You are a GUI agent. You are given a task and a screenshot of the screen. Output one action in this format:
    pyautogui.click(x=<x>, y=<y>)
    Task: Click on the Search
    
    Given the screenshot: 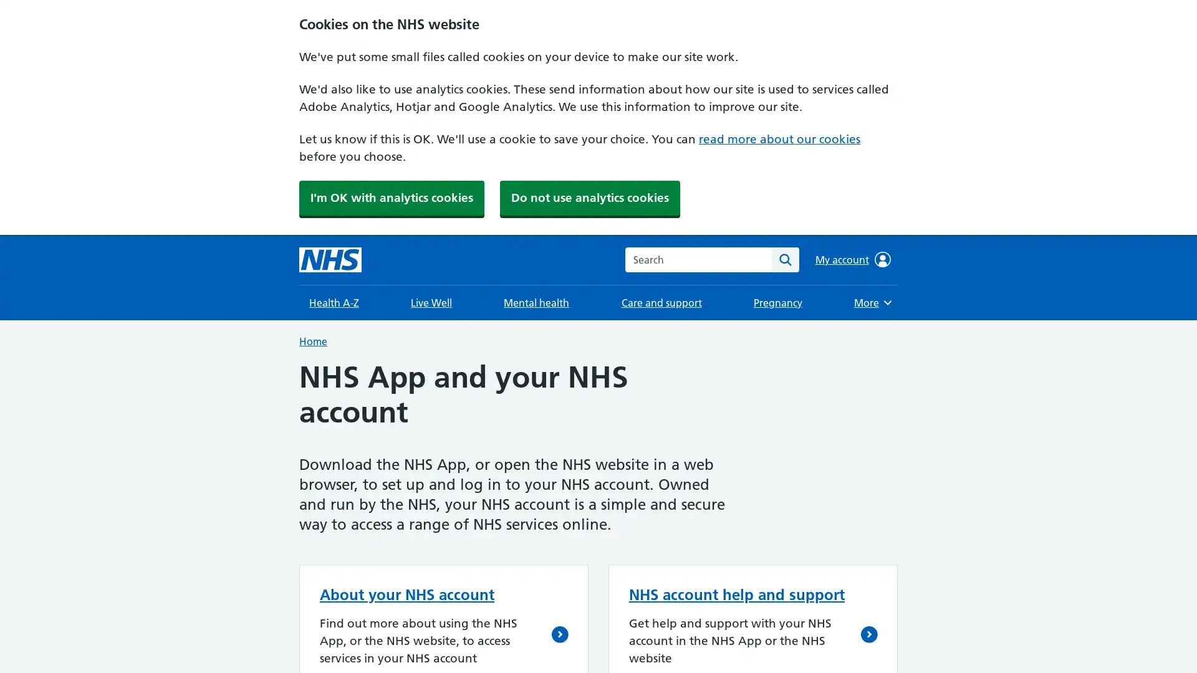 What is the action you would take?
    pyautogui.click(x=784, y=259)
    